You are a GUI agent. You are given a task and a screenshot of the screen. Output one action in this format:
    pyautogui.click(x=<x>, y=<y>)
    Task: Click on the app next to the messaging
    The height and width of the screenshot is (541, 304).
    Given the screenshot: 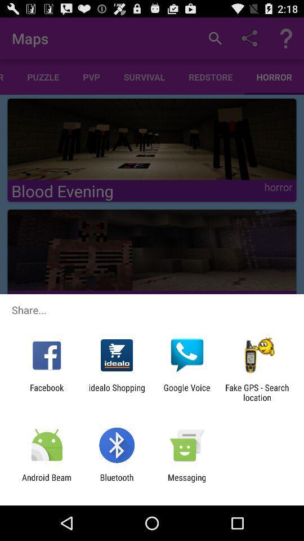 What is the action you would take?
    pyautogui.click(x=116, y=482)
    